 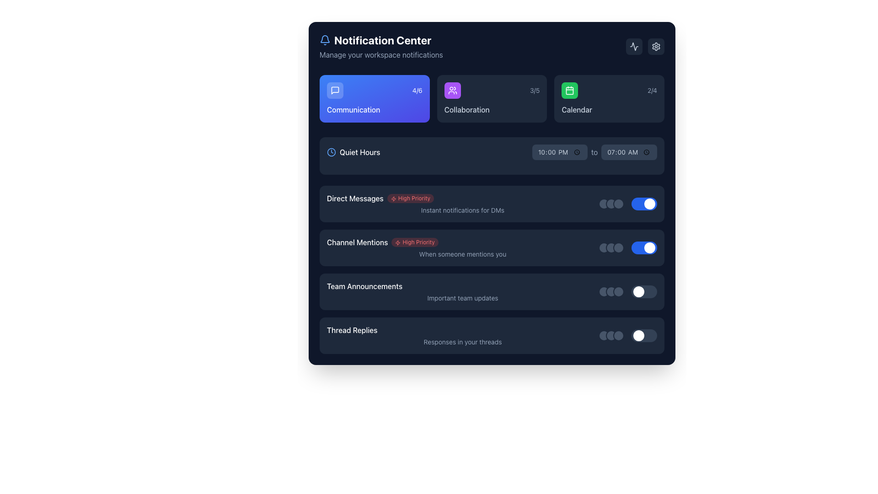 What do you see at coordinates (410, 198) in the screenshot?
I see `the pill-shaped label with a light red background and red text that says 'High Priority', located to the right of the 'Direct Messages' text in the notification settings panel` at bounding box center [410, 198].